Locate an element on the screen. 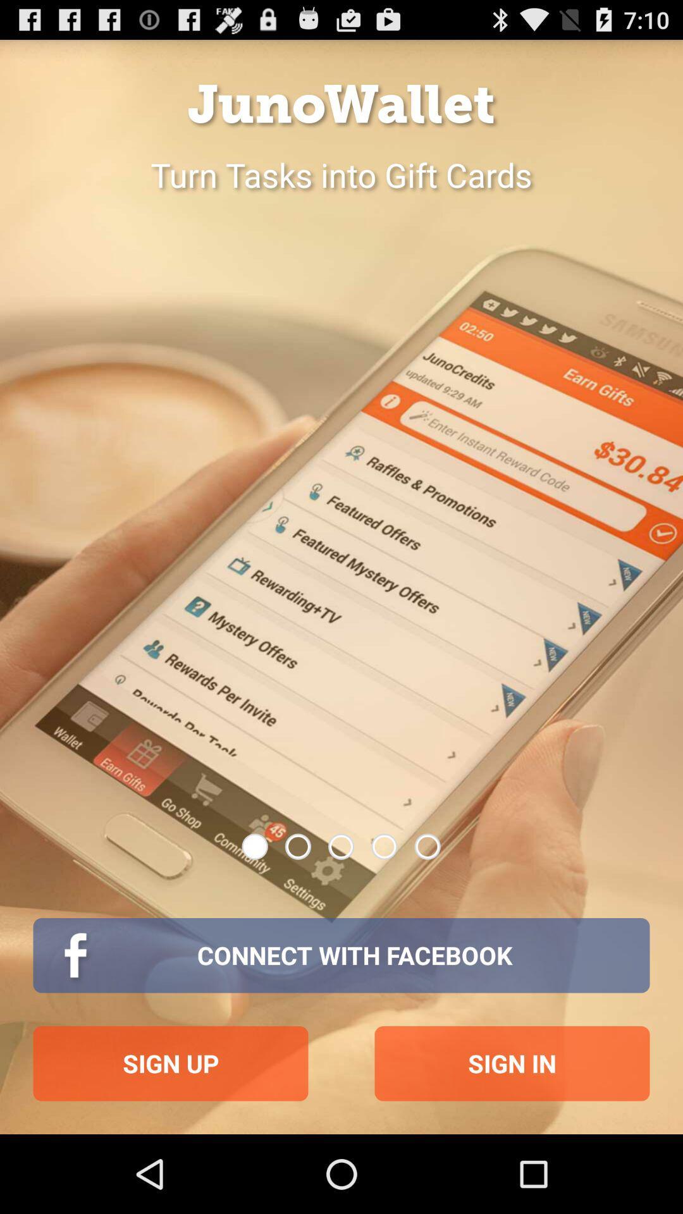 Image resolution: width=683 pixels, height=1214 pixels. the sign in icon is located at coordinates (512, 1063).